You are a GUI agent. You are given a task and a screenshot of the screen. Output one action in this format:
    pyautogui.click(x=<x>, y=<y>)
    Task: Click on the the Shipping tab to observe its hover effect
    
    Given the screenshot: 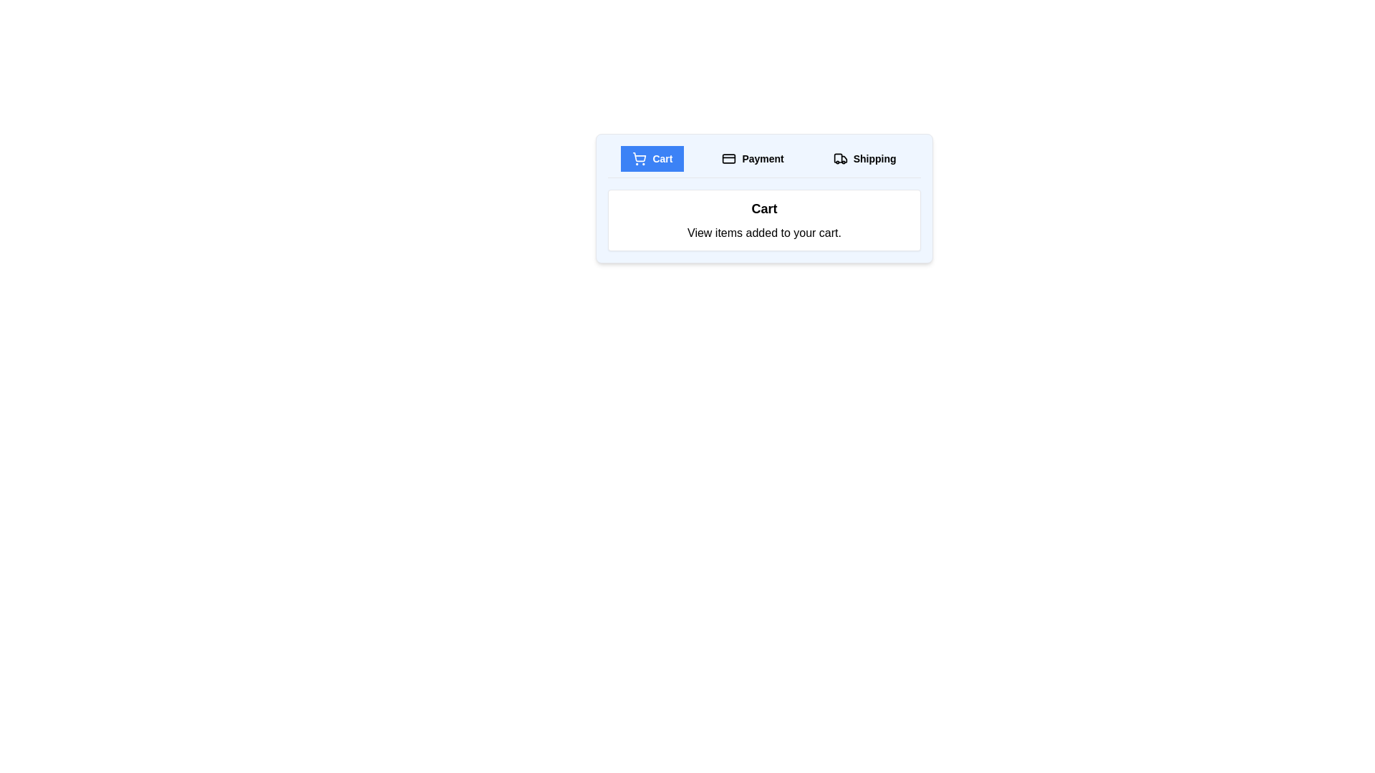 What is the action you would take?
    pyautogui.click(x=864, y=159)
    